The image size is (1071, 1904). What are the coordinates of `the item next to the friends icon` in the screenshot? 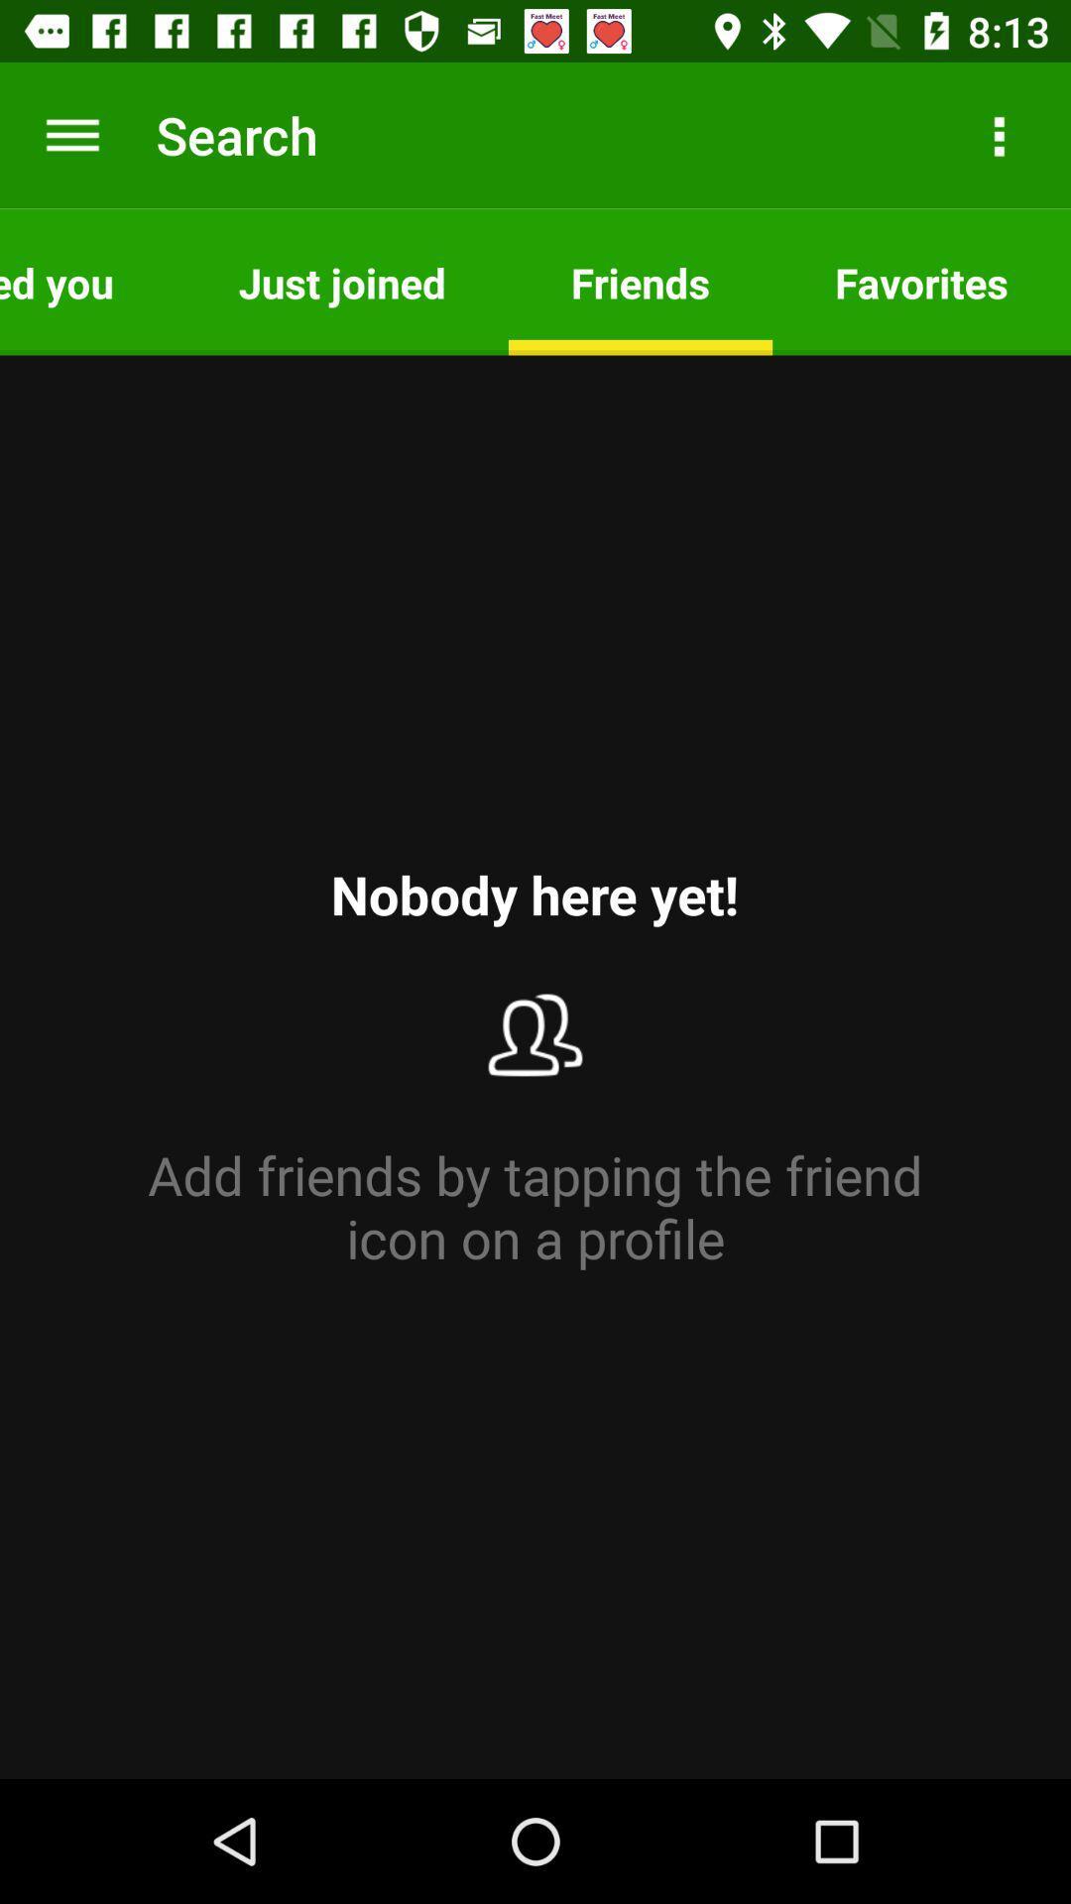 It's located at (921, 281).